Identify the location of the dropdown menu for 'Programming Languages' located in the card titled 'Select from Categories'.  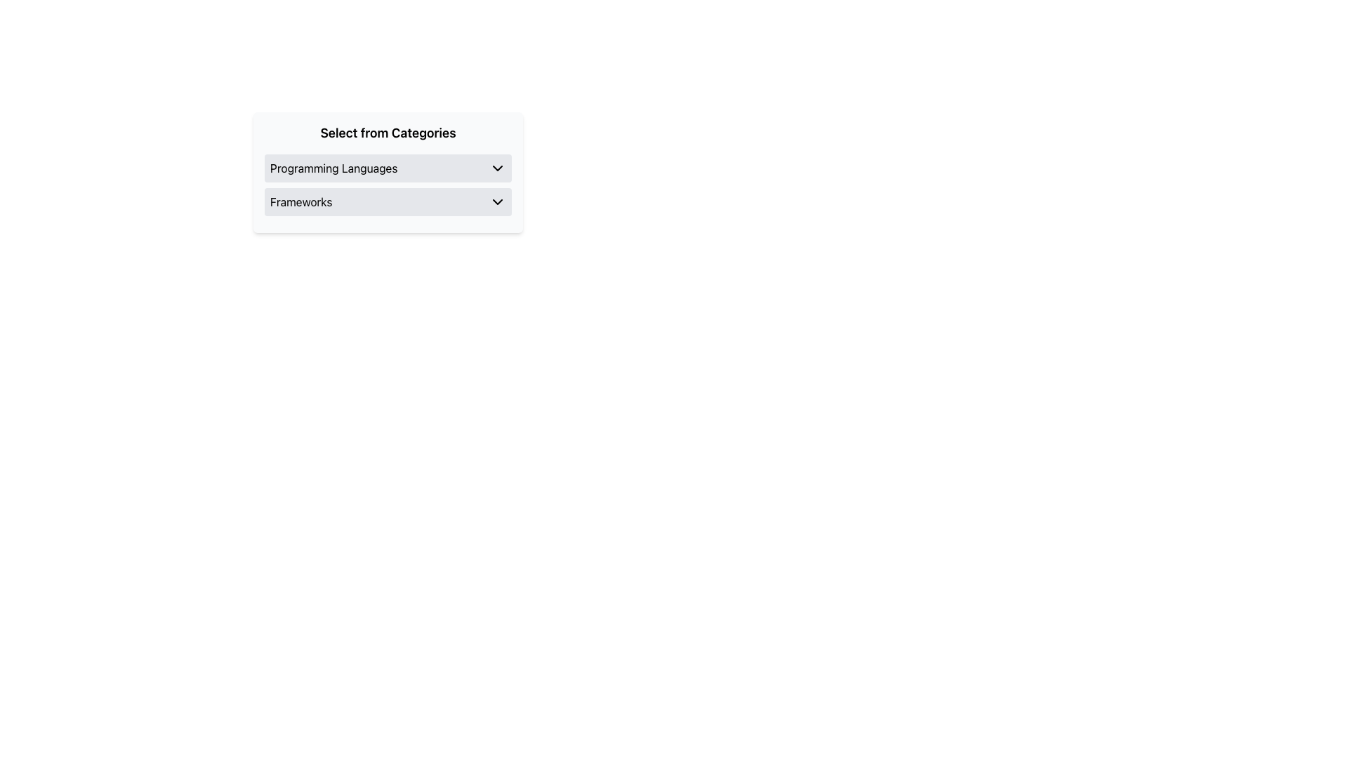
(388, 167).